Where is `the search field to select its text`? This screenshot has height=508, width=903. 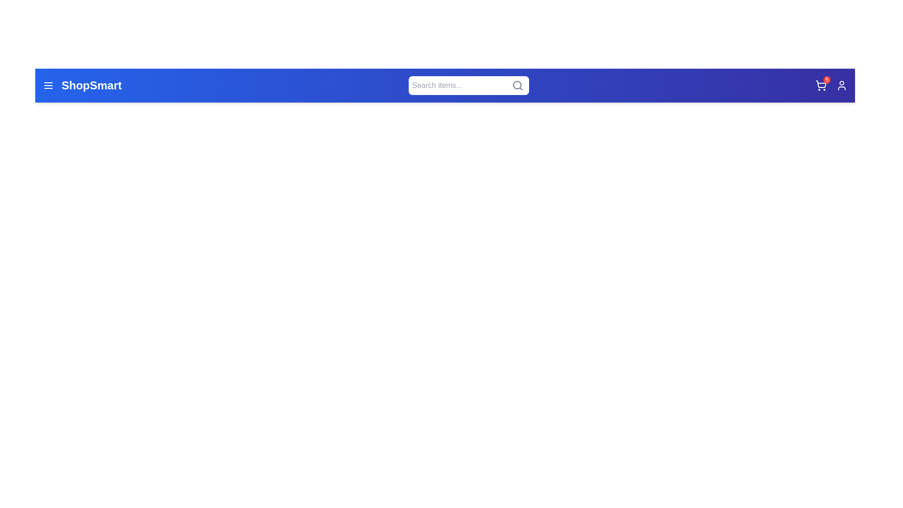
the search field to select its text is located at coordinates (468, 85).